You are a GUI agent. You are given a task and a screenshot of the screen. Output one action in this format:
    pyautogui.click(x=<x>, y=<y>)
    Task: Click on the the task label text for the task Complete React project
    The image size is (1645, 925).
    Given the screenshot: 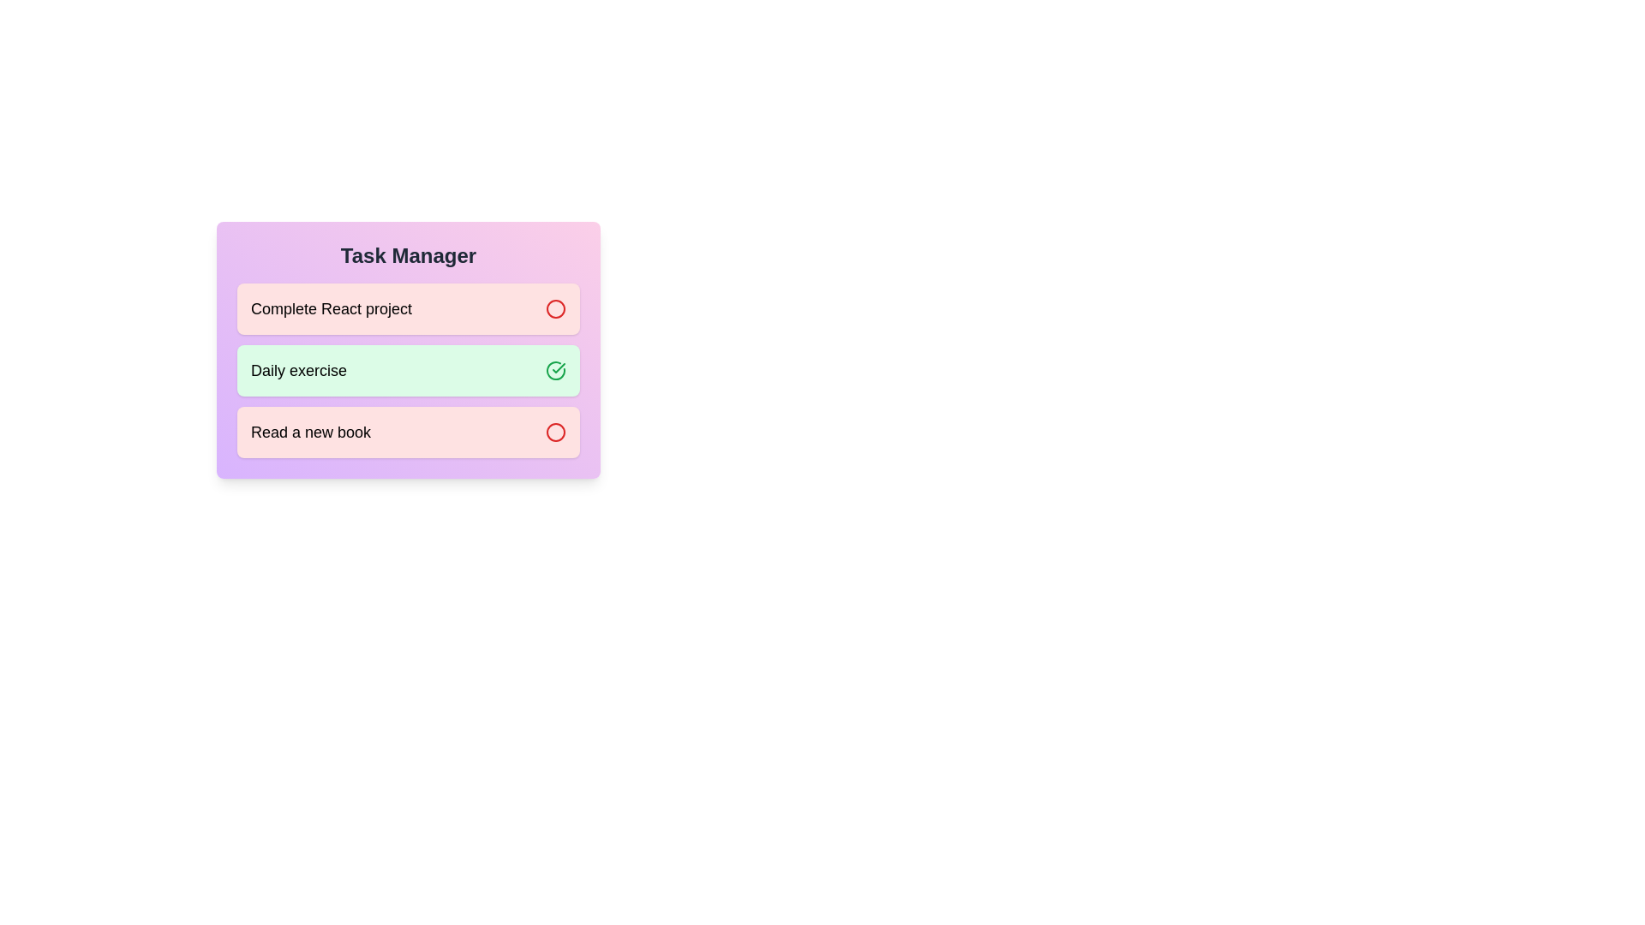 What is the action you would take?
    pyautogui.click(x=332, y=309)
    